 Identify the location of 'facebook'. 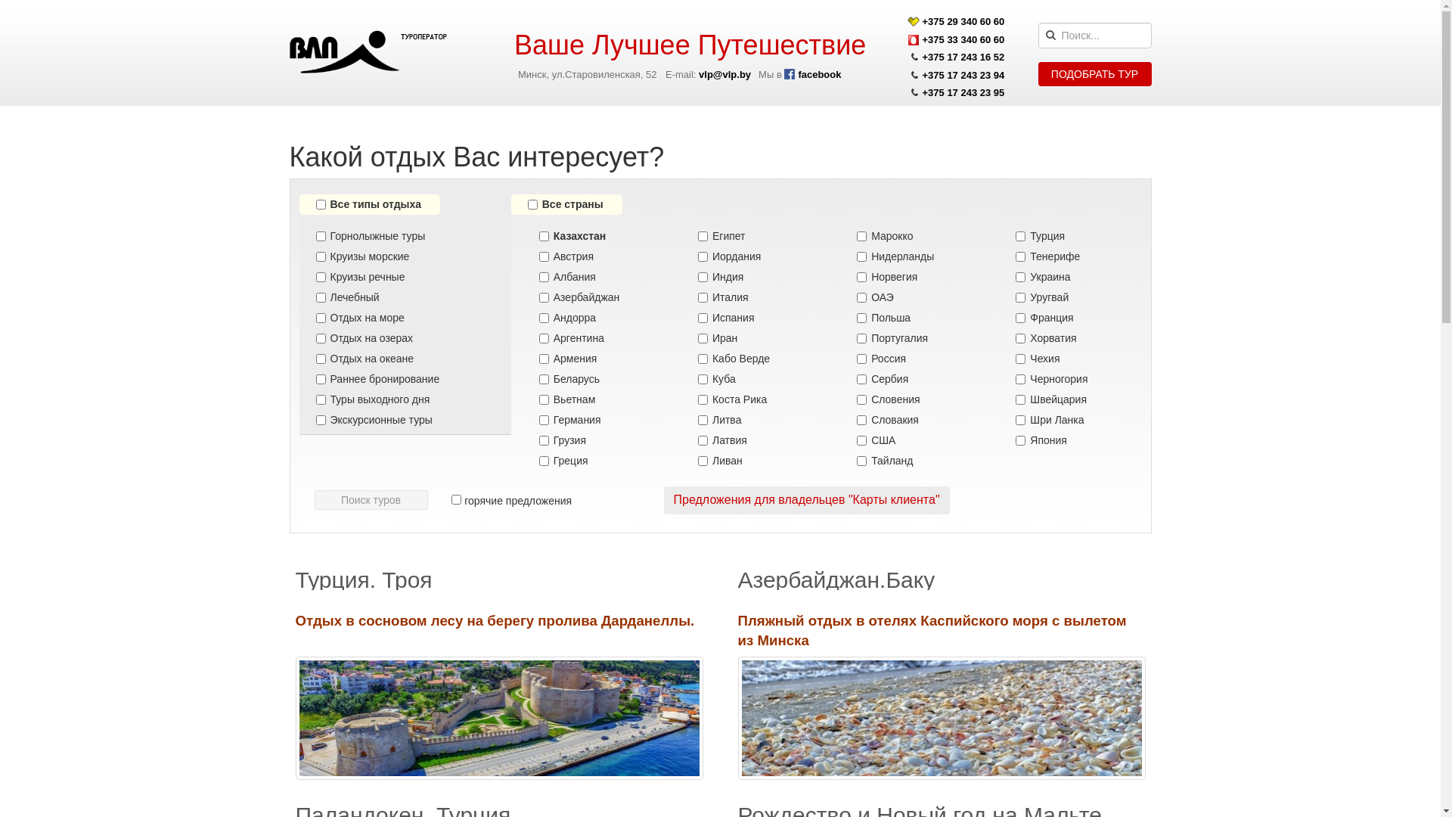
(783, 74).